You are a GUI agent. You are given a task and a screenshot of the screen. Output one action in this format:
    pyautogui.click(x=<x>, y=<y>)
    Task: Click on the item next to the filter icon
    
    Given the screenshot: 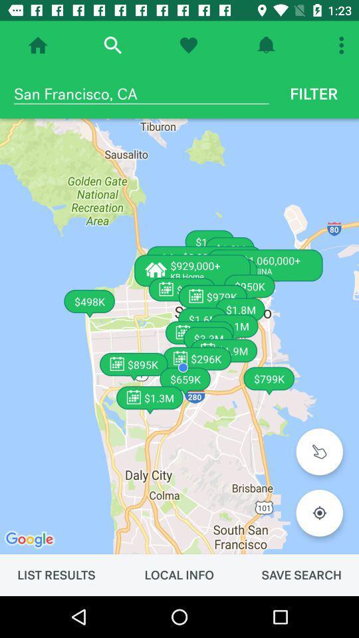 What is the action you would take?
    pyautogui.click(x=140, y=93)
    